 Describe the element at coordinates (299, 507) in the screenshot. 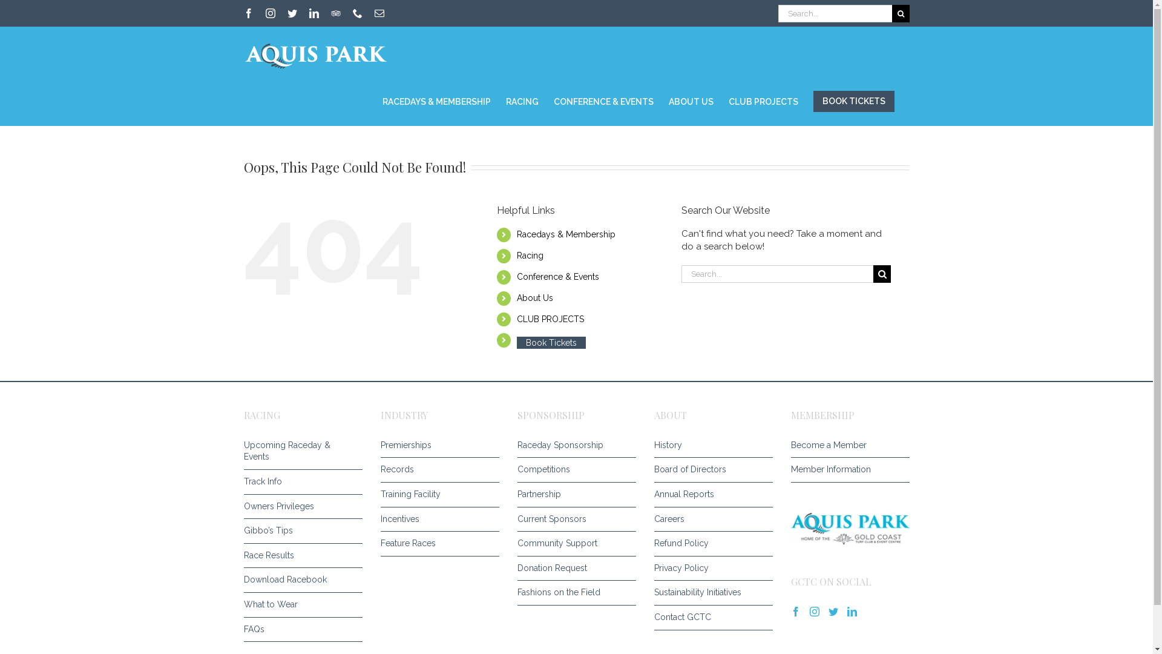

I see `'Owners Privileges'` at that location.